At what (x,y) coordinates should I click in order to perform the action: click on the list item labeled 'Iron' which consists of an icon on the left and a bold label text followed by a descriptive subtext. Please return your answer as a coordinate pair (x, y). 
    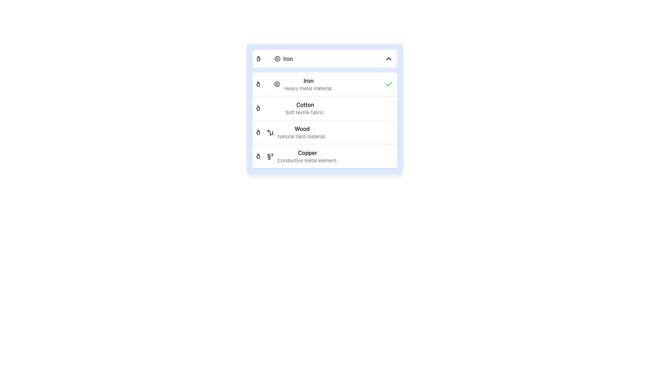
    Looking at the image, I should click on (295, 84).